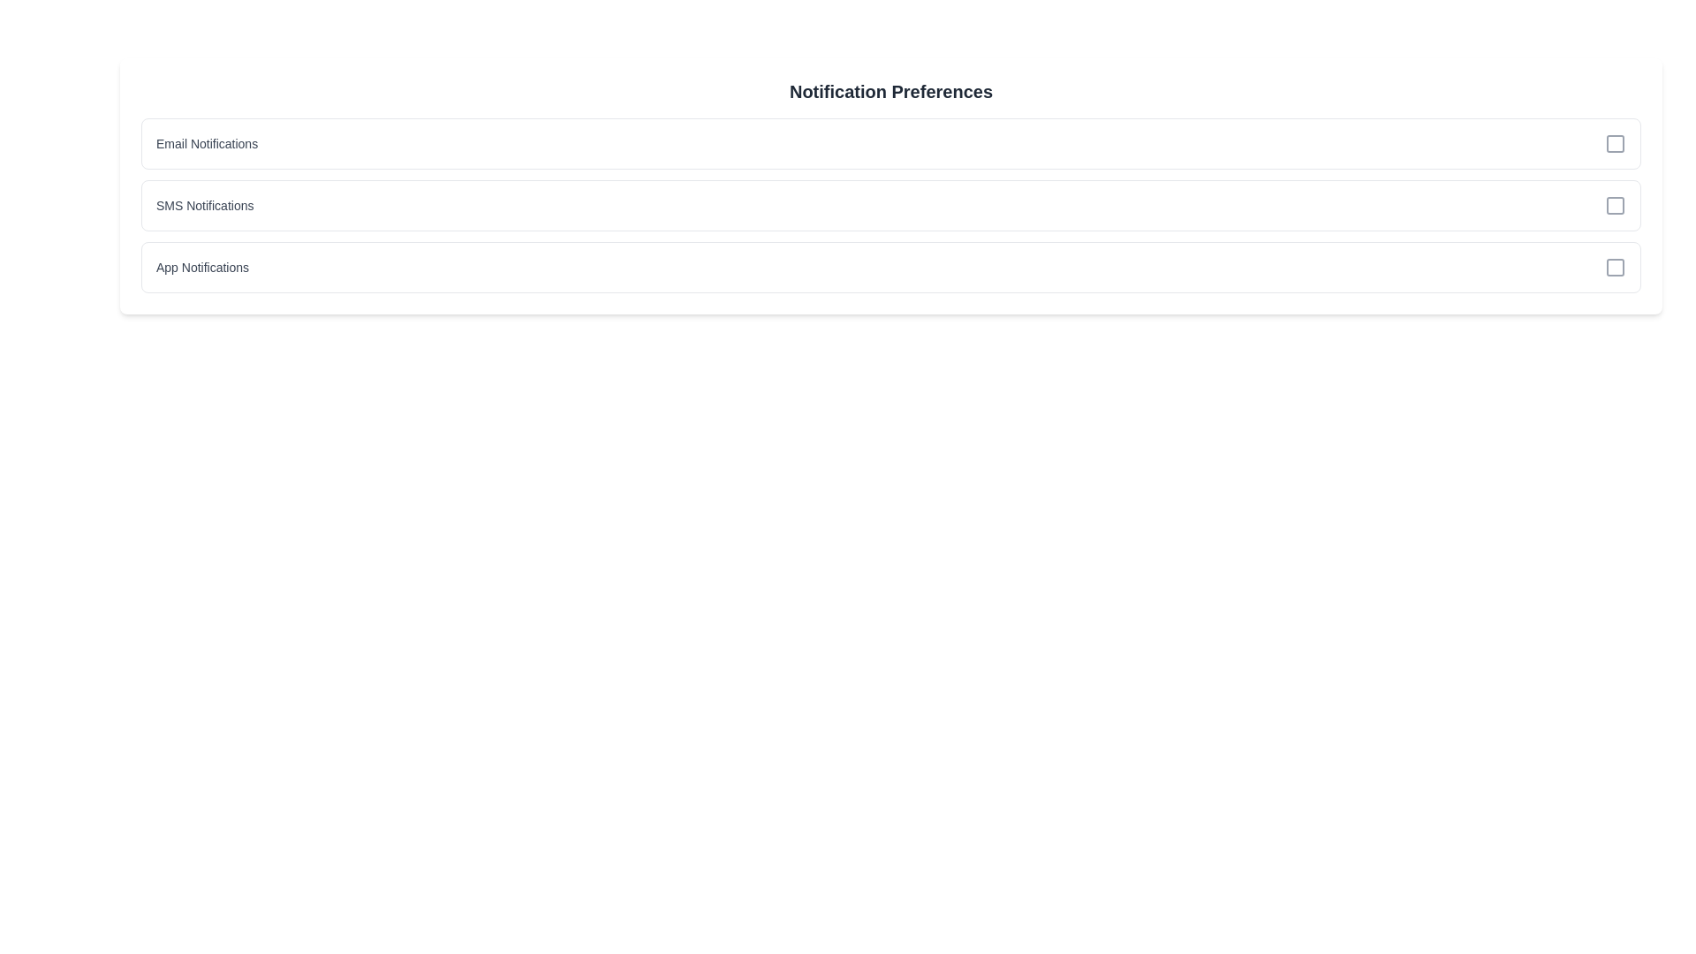 The height and width of the screenshot is (954, 1696). Describe the element at coordinates (1615, 204) in the screenshot. I see `the unfilled light gray checkbox icon located at the end of the 'SMS Notifications' row` at that location.